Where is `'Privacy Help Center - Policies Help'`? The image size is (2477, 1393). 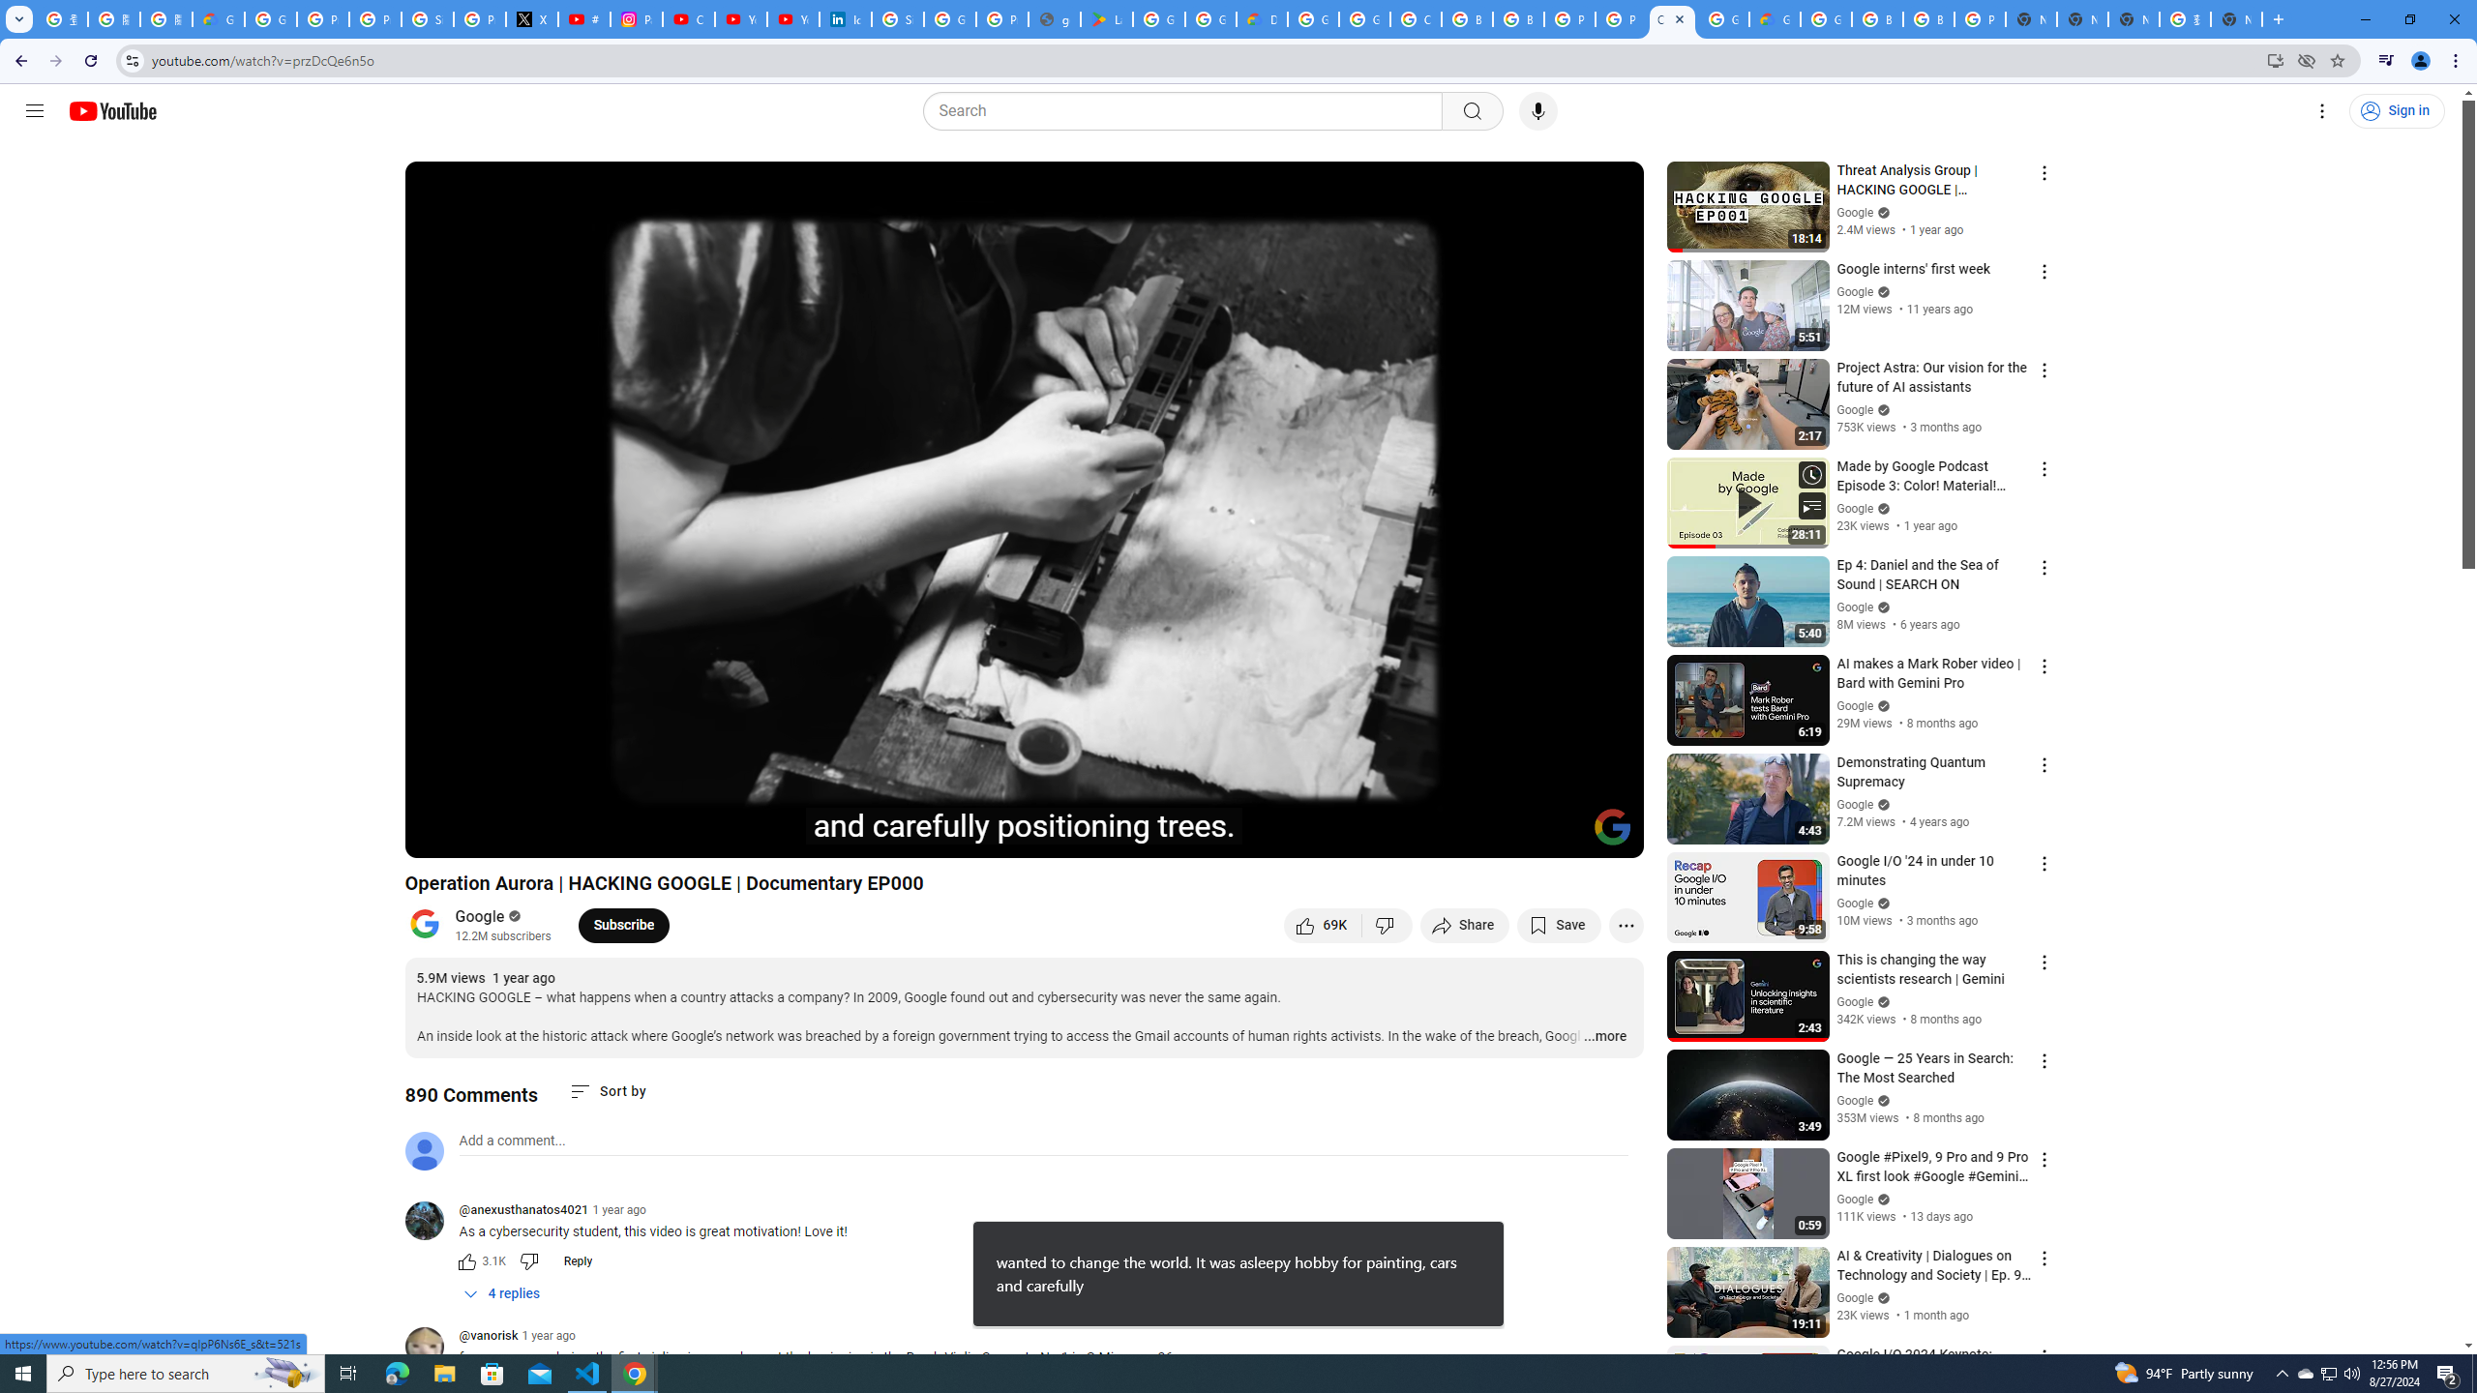 'Privacy Help Center - Policies Help' is located at coordinates (375, 18).